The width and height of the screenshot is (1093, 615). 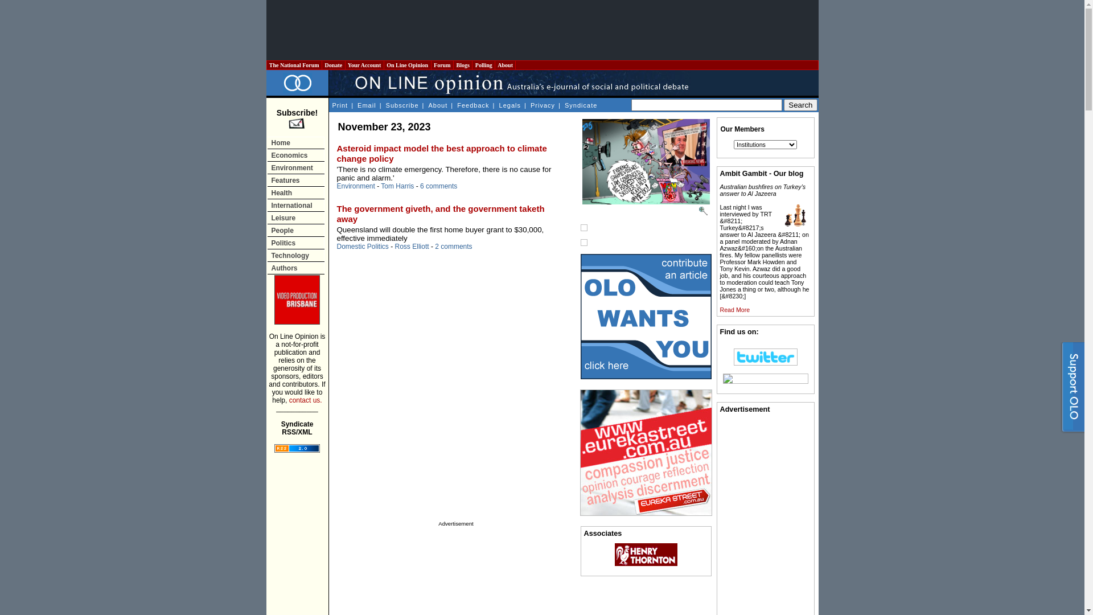 I want to click on 'International', so click(x=295, y=205).